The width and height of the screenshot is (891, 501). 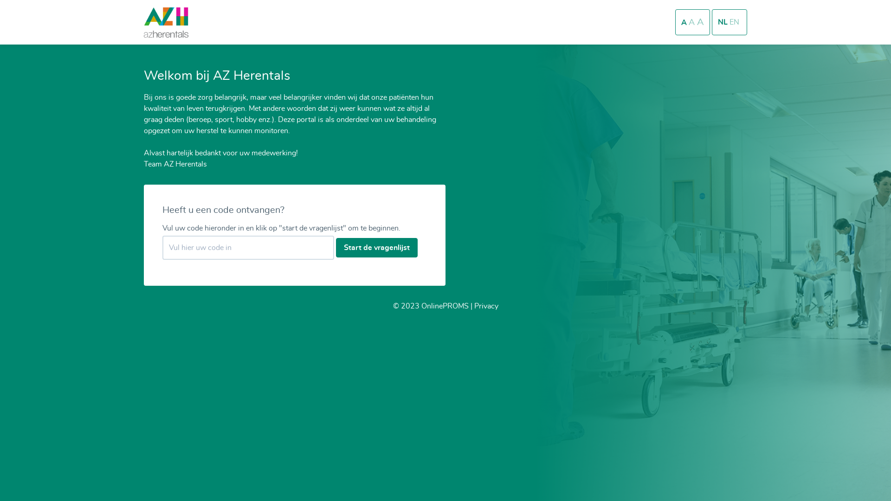 I want to click on 'A', so click(x=685, y=22).